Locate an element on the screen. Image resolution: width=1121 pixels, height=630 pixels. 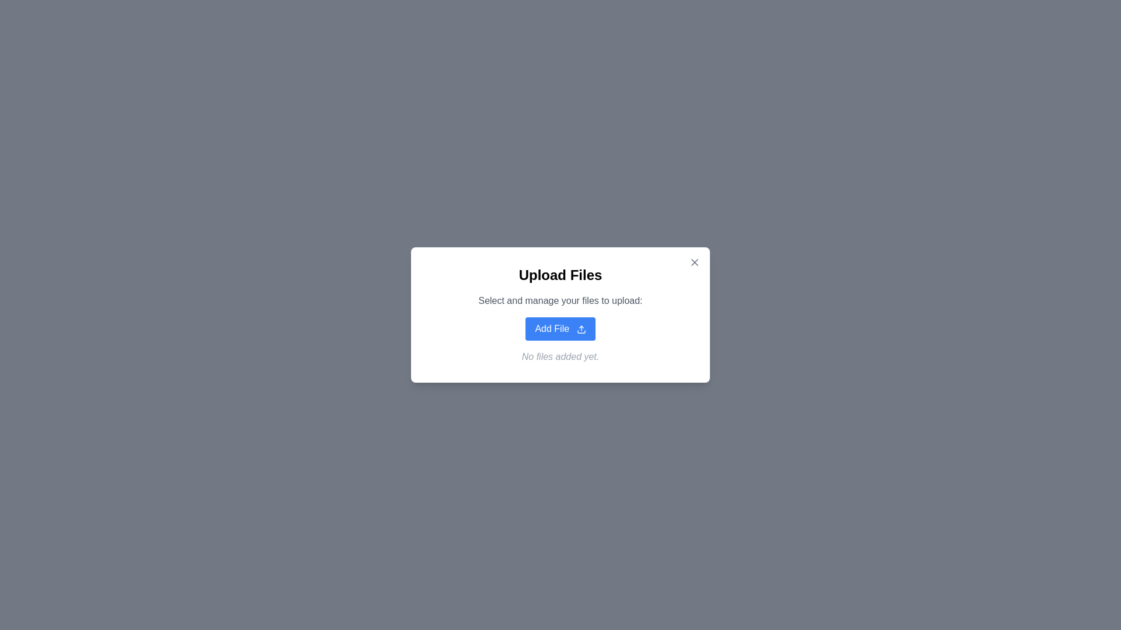
the close button in the top-right corner of the dialog is located at coordinates (695, 262).